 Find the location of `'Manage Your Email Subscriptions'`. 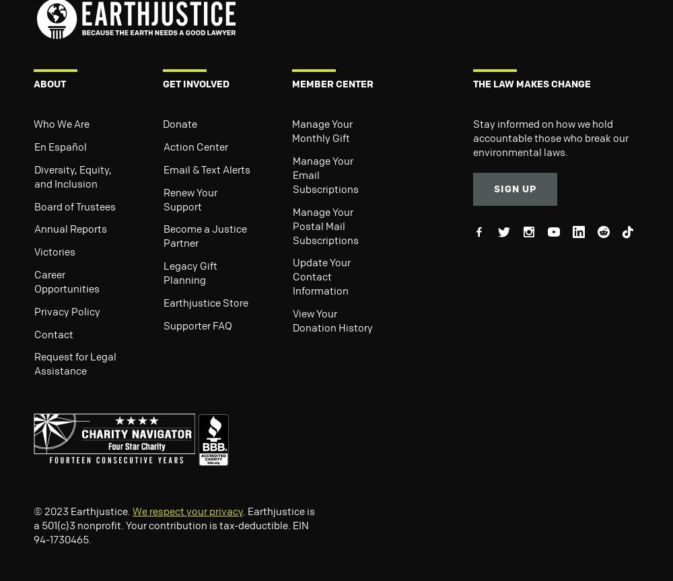

'Manage Your Email Subscriptions' is located at coordinates (325, 174).